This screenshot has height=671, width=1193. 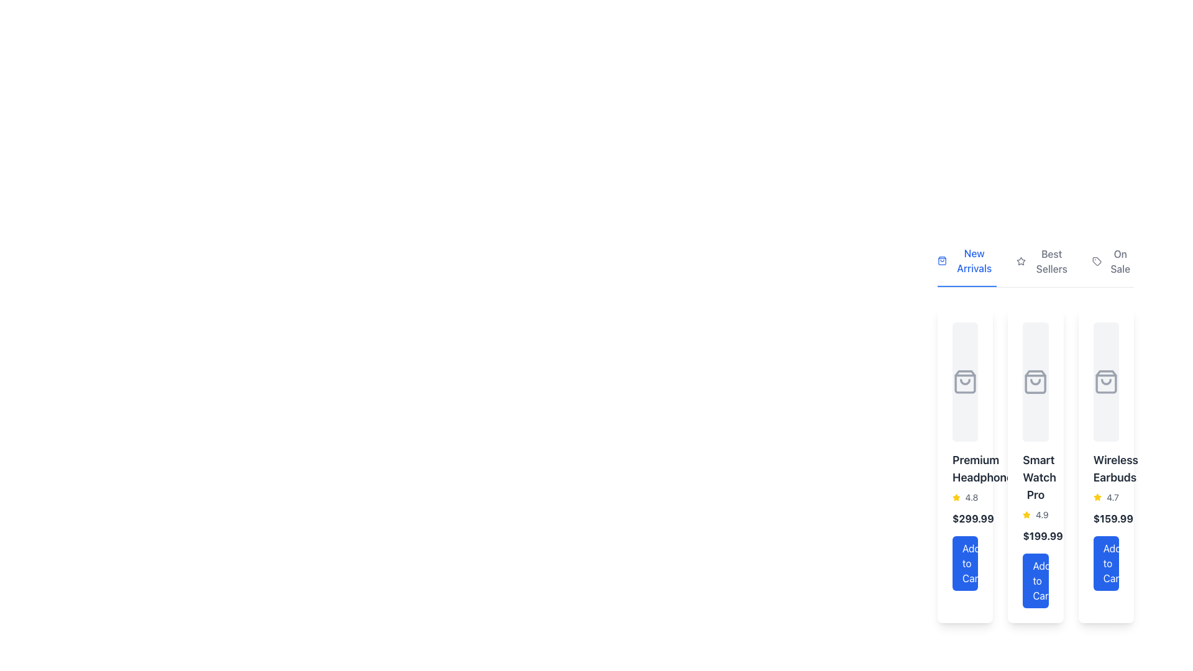 What do you see at coordinates (1112, 497) in the screenshot?
I see `text content of the user rating label located in the third product card, positioned to the right of the yellow star icon in the rating section` at bounding box center [1112, 497].